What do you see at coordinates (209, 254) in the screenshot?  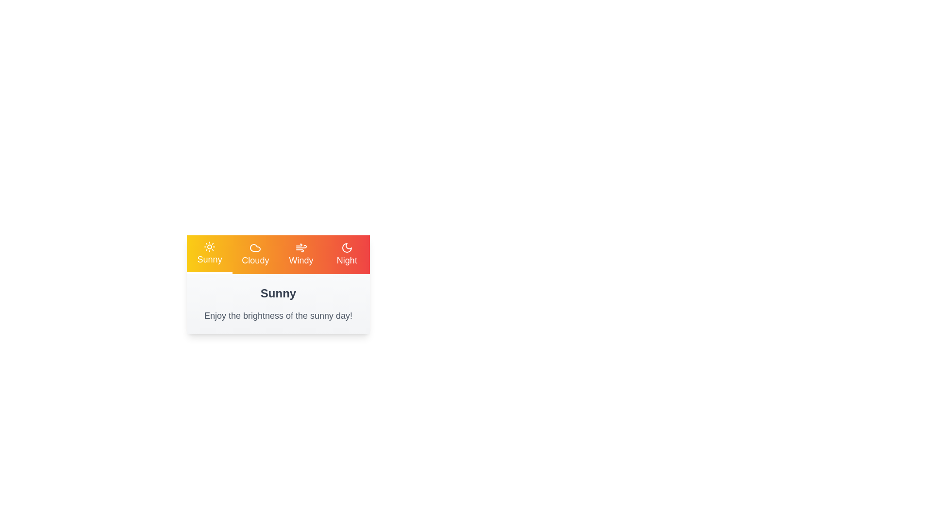 I see `the tab corresponding to Sunny` at bounding box center [209, 254].